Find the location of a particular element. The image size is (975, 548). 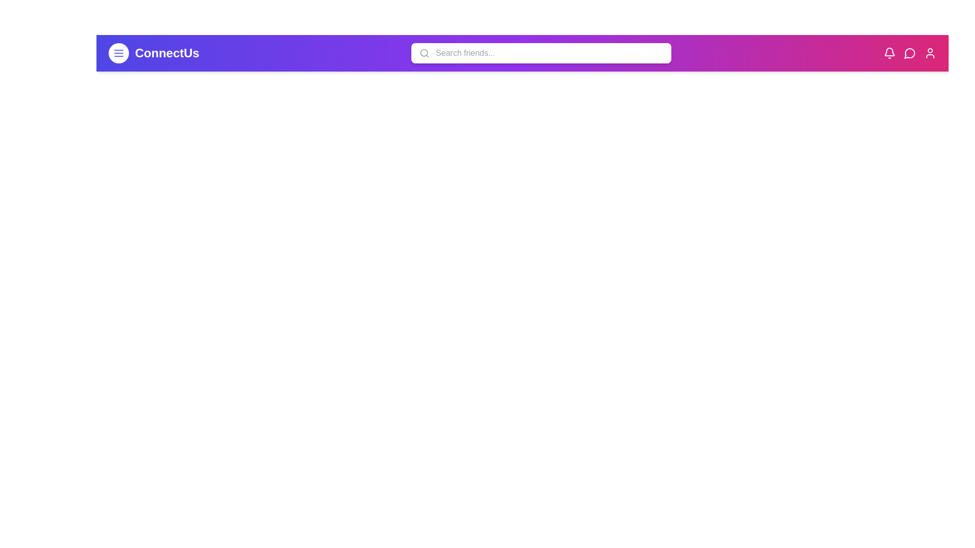

the message icon to view messages is located at coordinates (909, 53).